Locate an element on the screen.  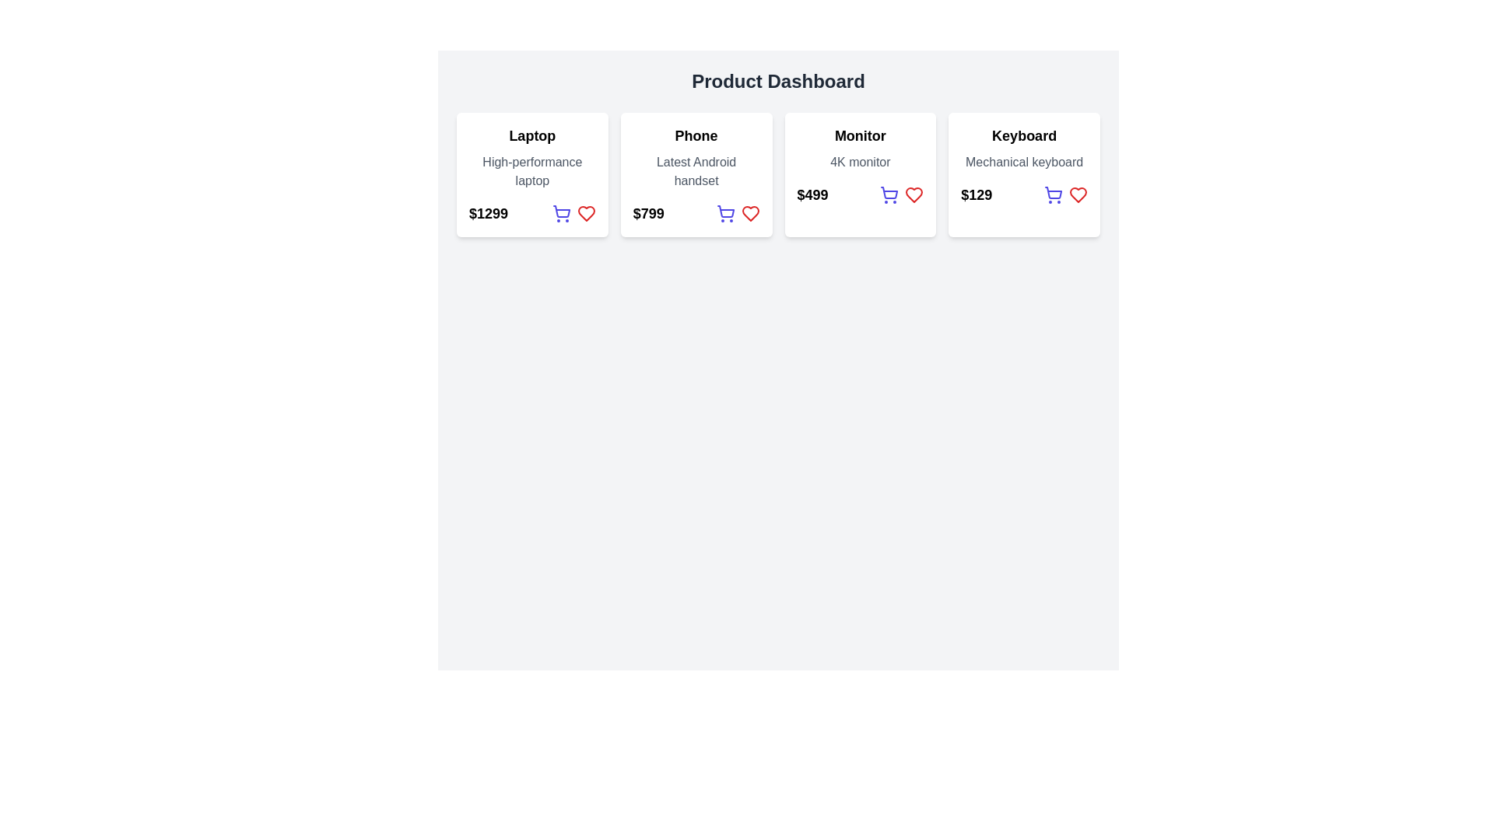
the button located in the top-right corner of the 'Monitor' product card is located at coordinates (889, 194).